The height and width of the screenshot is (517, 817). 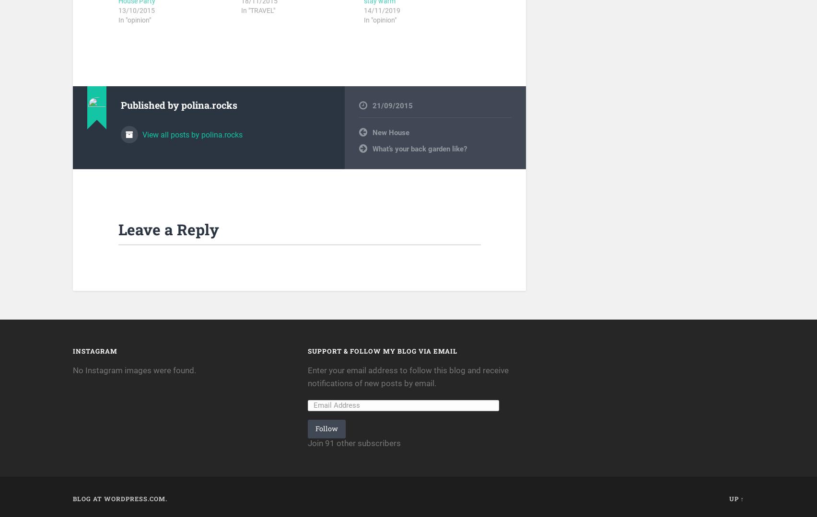 What do you see at coordinates (354, 442) in the screenshot?
I see `'Join 91 other subscribers'` at bounding box center [354, 442].